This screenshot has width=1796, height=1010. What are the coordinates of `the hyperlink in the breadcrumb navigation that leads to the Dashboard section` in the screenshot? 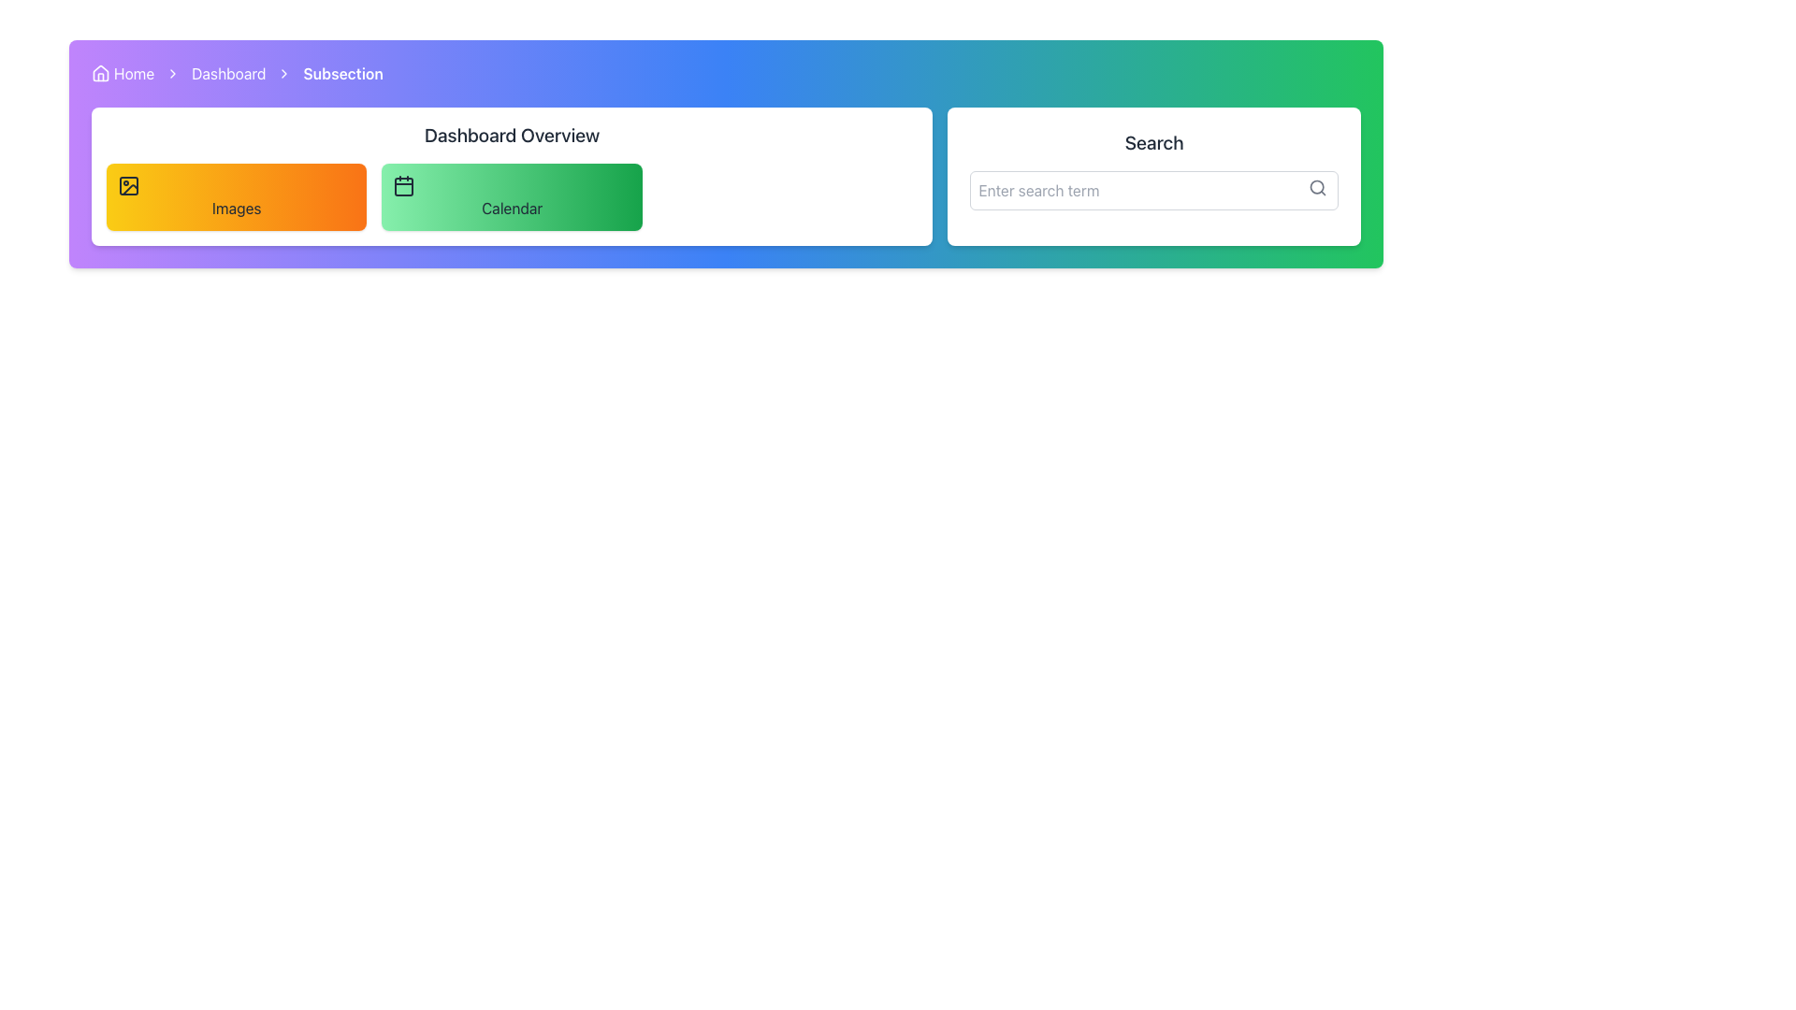 It's located at (227, 72).